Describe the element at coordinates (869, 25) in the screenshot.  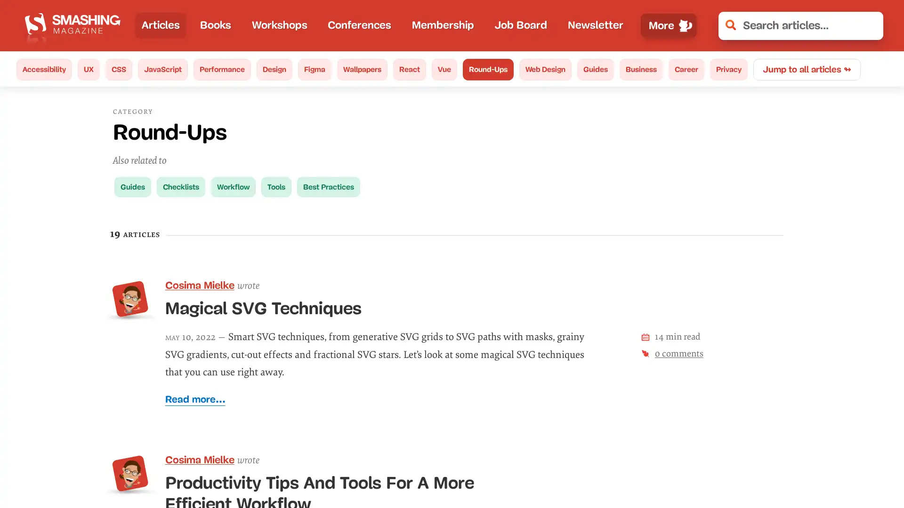
I see `Clear Search` at that location.